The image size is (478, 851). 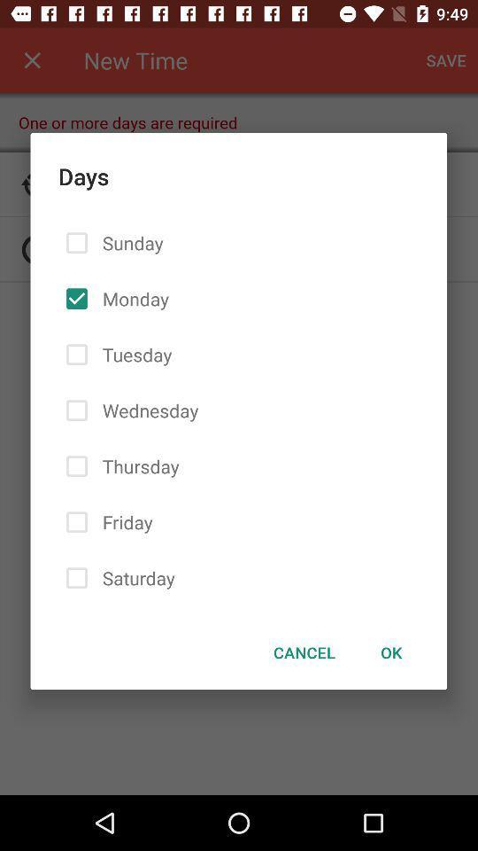 I want to click on the icon to the left of the ok icon, so click(x=304, y=652).